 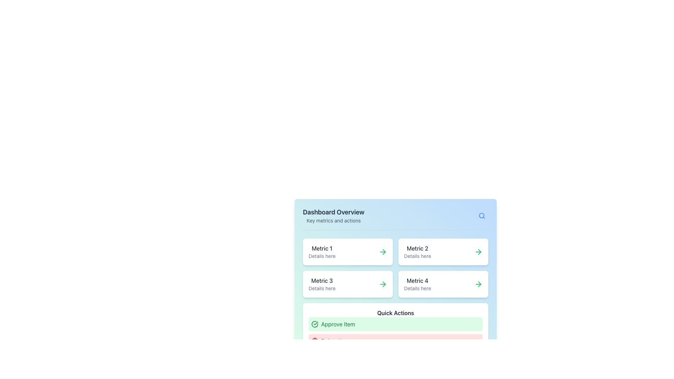 What do you see at coordinates (333, 220) in the screenshot?
I see `text label containing the phrase 'Key metrics and actions' which is located just below the 'Dashboard Overview' text in the header area of the dashboard interface` at bounding box center [333, 220].